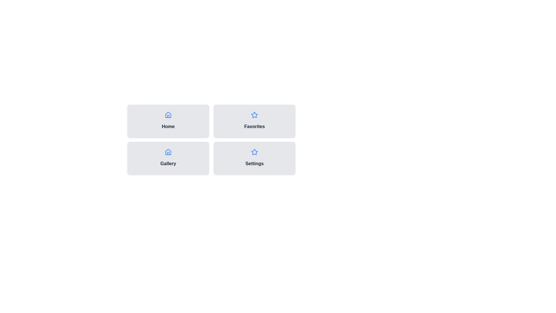  I want to click on the door graphic within the 'Gallery' button icon, which is located at the bottom center of the house representation, so click(168, 153).